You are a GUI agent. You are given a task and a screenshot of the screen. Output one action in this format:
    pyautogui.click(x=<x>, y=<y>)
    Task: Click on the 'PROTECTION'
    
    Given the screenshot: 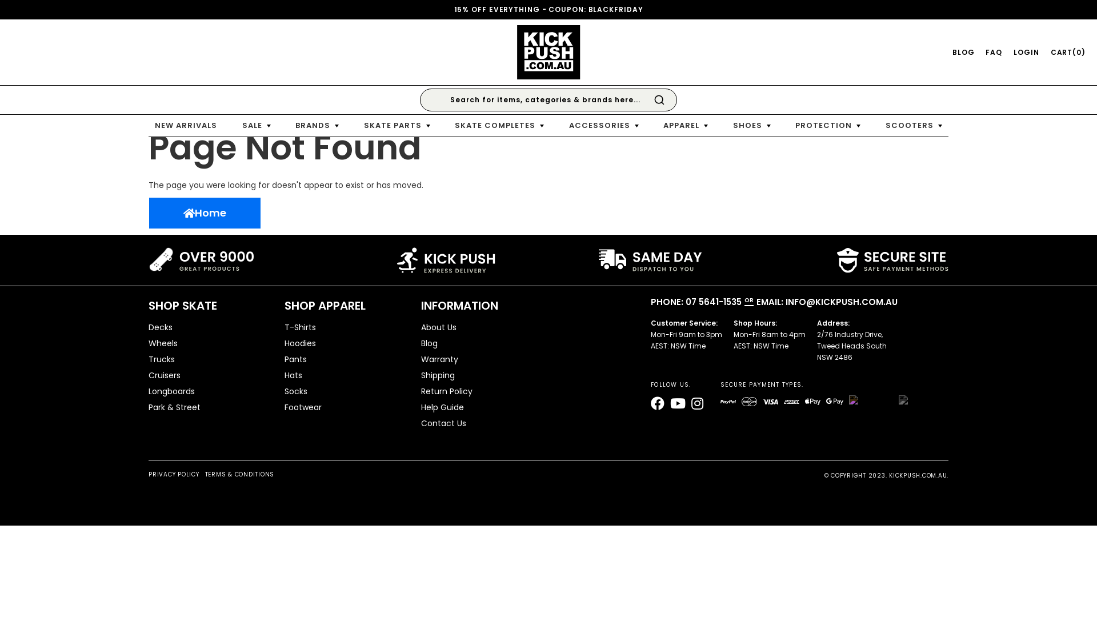 What is the action you would take?
    pyautogui.click(x=828, y=125)
    